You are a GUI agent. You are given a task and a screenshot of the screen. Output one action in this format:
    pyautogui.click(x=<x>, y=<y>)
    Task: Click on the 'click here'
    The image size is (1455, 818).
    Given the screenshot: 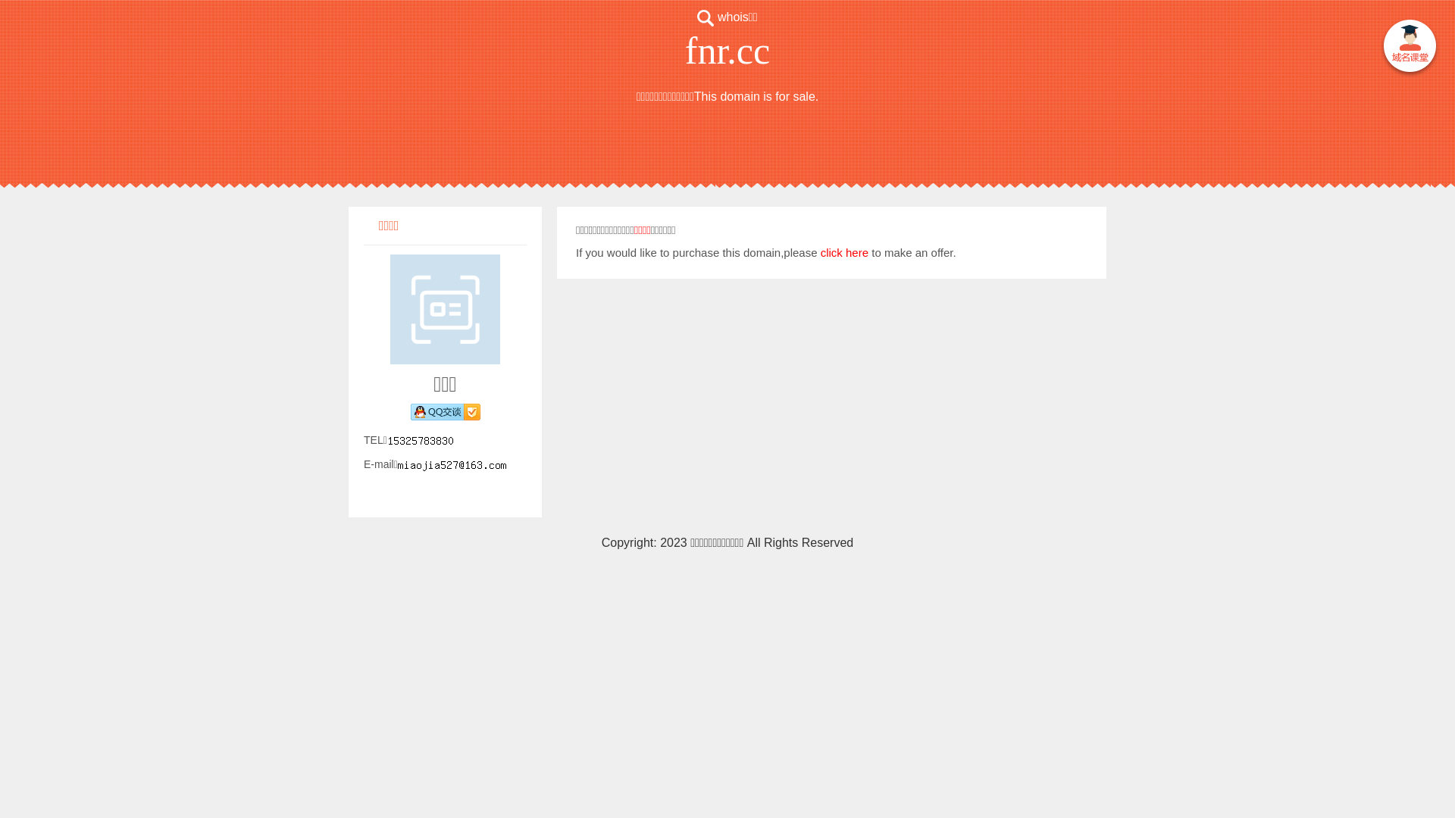 What is the action you would take?
    pyautogui.click(x=843, y=251)
    